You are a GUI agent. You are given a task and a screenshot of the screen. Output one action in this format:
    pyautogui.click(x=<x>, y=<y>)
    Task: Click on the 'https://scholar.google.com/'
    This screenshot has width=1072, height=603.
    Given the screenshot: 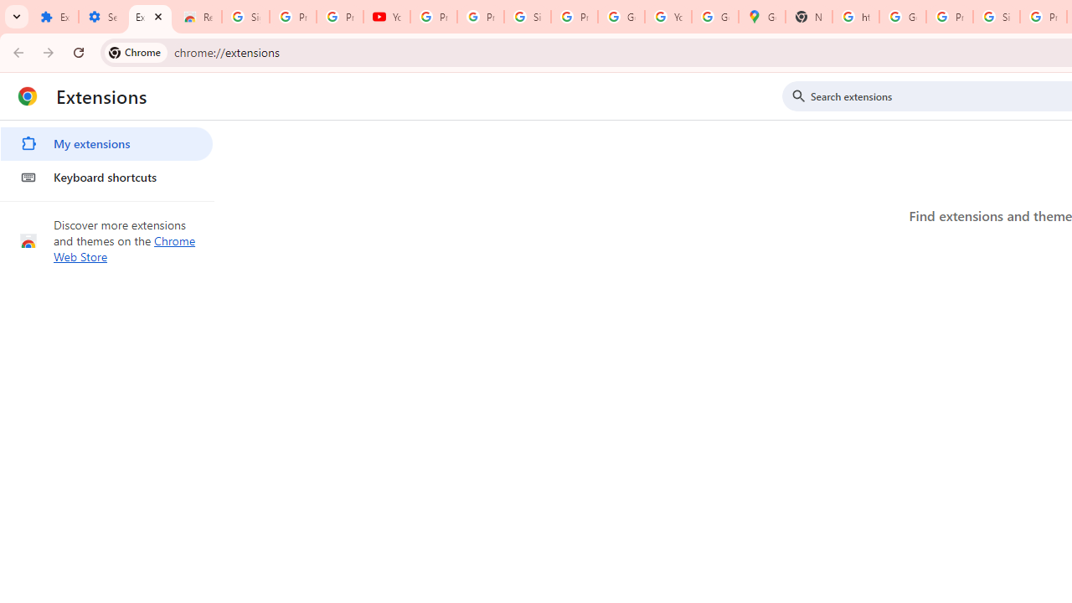 What is the action you would take?
    pyautogui.click(x=856, y=17)
    